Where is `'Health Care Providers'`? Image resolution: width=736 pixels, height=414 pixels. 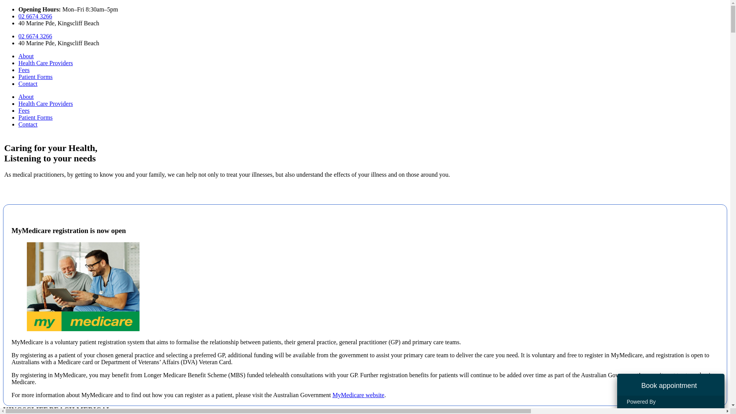
'Health Care Providers' is located at coordinates (18, 103).